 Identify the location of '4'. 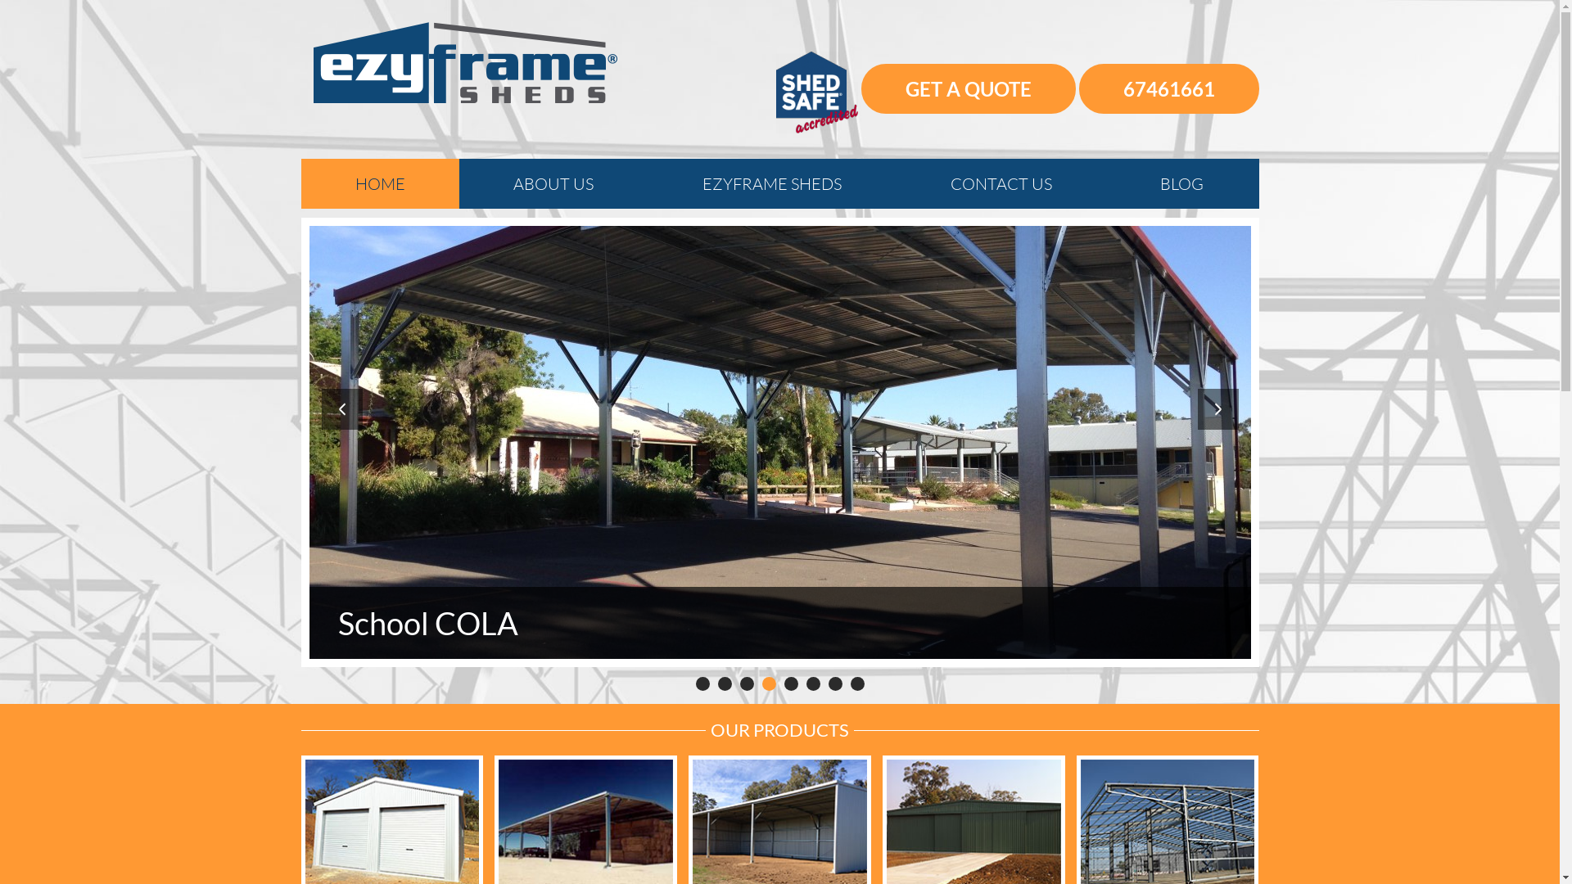
(767, 683).